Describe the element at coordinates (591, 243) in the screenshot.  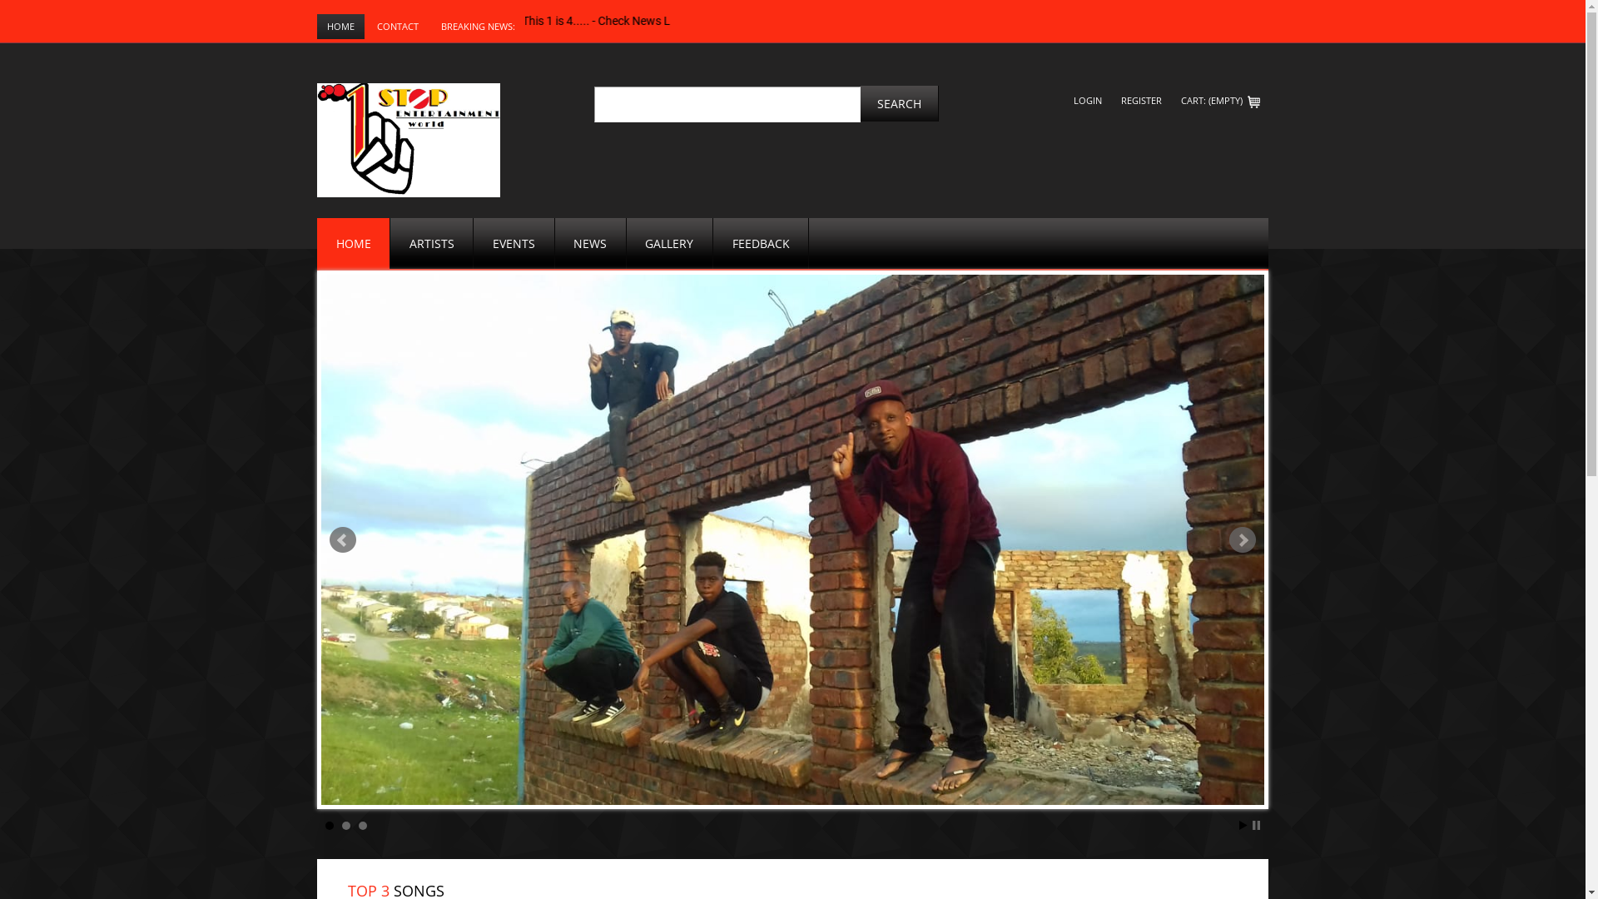
I see `'NEWS'` at that location.